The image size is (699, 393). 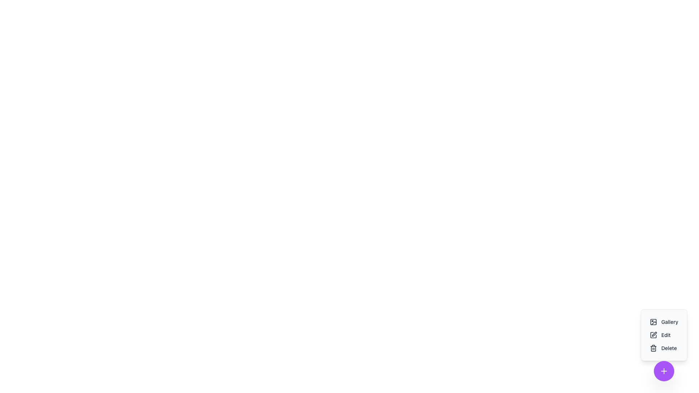 What do you see at coordinates (669, 348) in the screenshot?
I see `the delete label option, which is the third entry in the vertical list, located to the right of the trash can icon and below the 'Edit' option` at bounding box center [669, 348].